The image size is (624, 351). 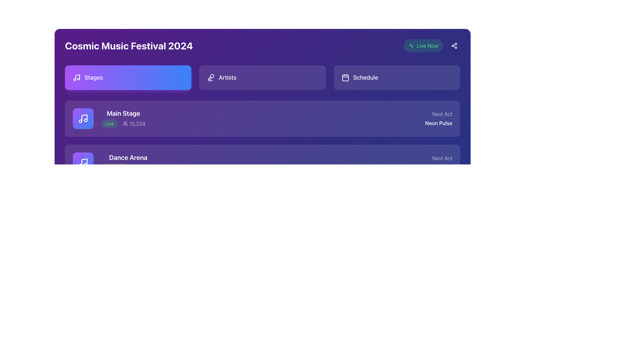 What do you see at coordinates (262, 77) in the screenshot?
I see `the 'Artists' button located in the central position of a horizontal row of three buttons` at bounding box center [262, 77].